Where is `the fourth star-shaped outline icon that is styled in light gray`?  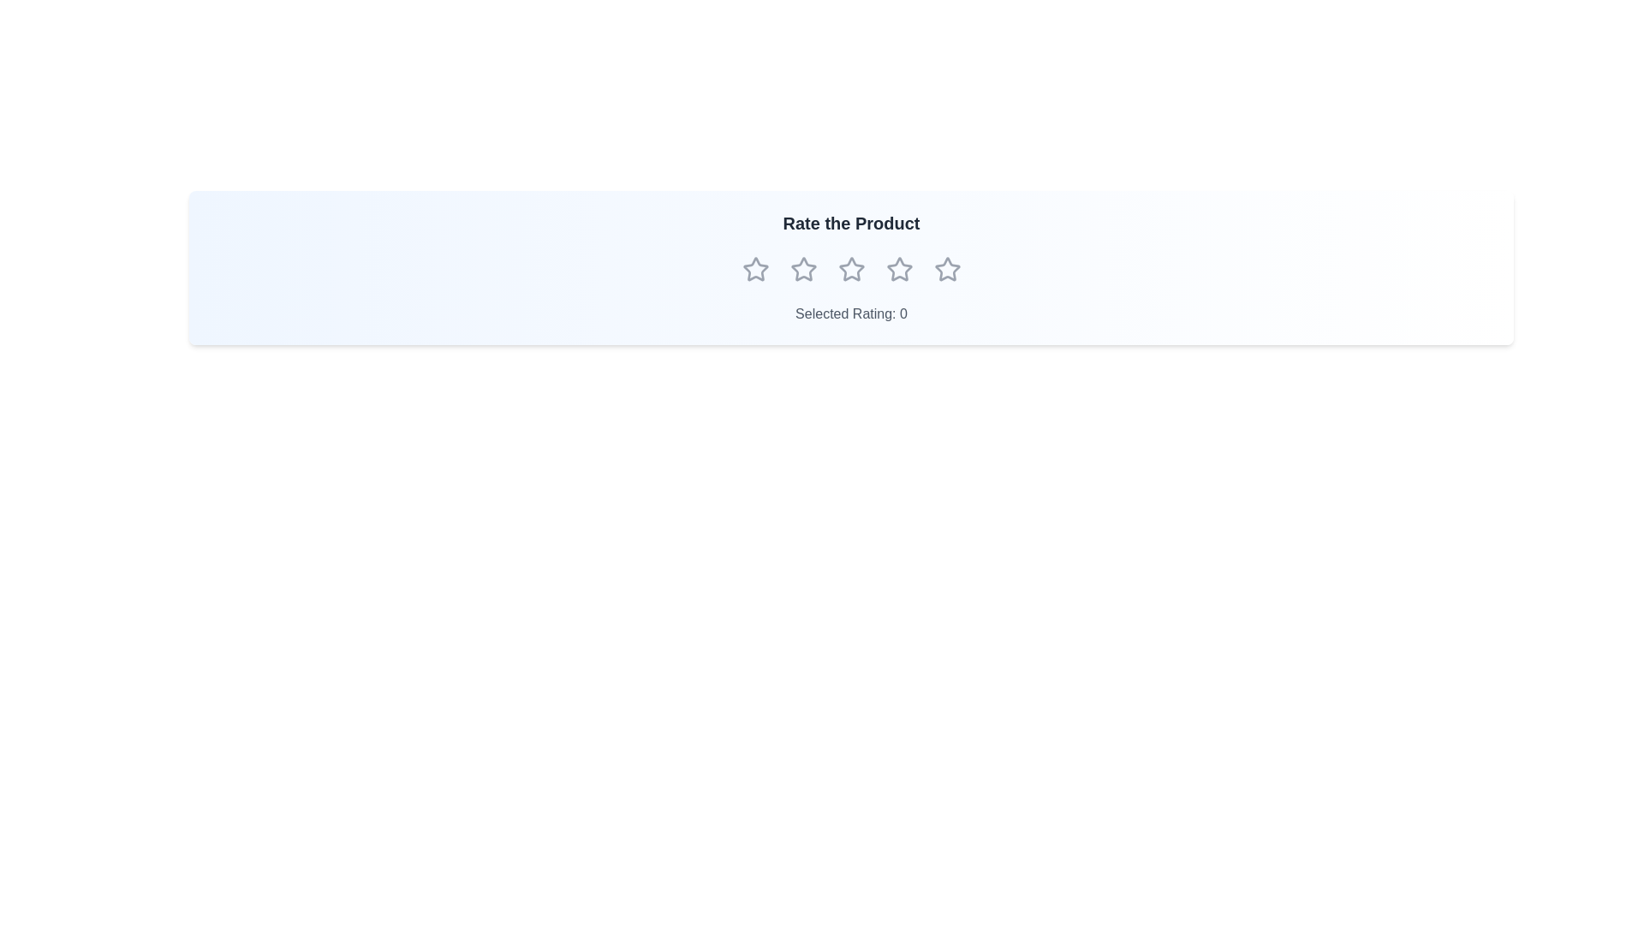
the fourth star-shaped outline icon that is styled in light gray is located at coordinates (898, 270).